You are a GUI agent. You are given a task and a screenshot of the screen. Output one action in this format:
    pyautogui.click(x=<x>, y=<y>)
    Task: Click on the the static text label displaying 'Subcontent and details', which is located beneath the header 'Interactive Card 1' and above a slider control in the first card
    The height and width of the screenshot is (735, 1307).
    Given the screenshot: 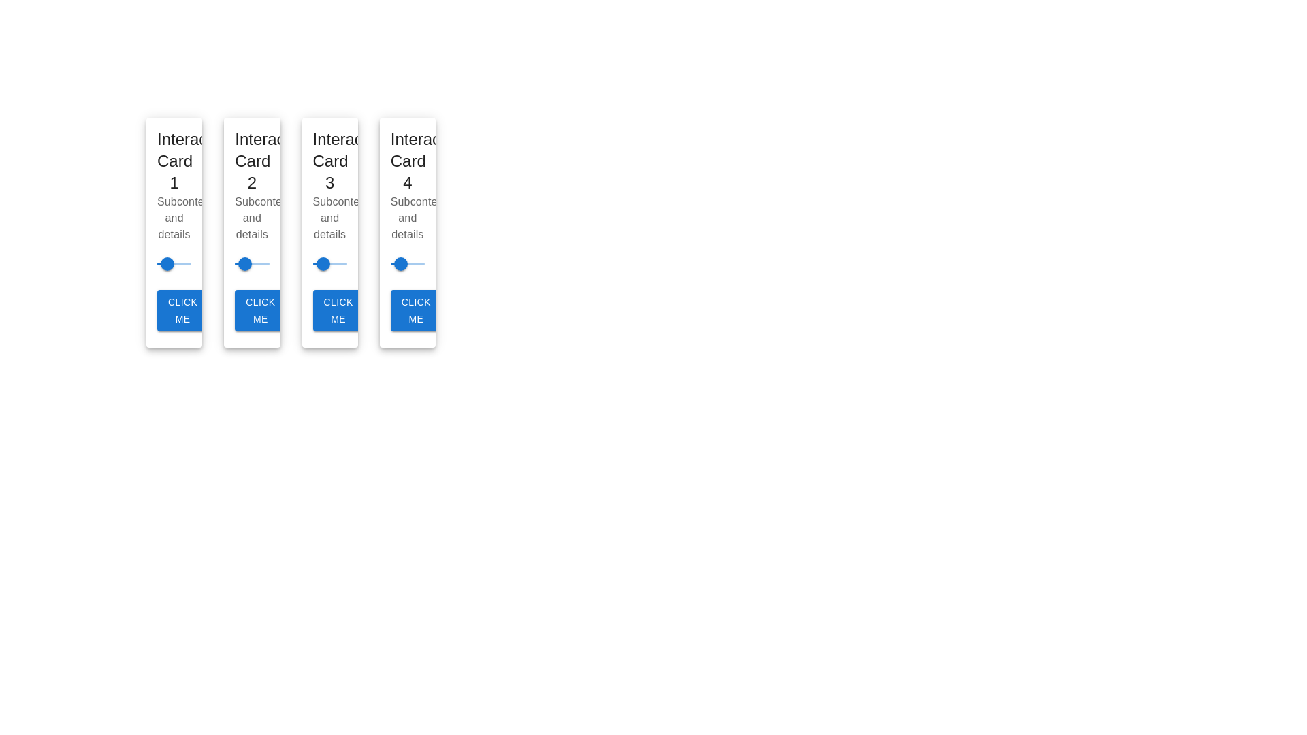 What is the action you would take?
    pyautogui.click(x=174, y=218)
    